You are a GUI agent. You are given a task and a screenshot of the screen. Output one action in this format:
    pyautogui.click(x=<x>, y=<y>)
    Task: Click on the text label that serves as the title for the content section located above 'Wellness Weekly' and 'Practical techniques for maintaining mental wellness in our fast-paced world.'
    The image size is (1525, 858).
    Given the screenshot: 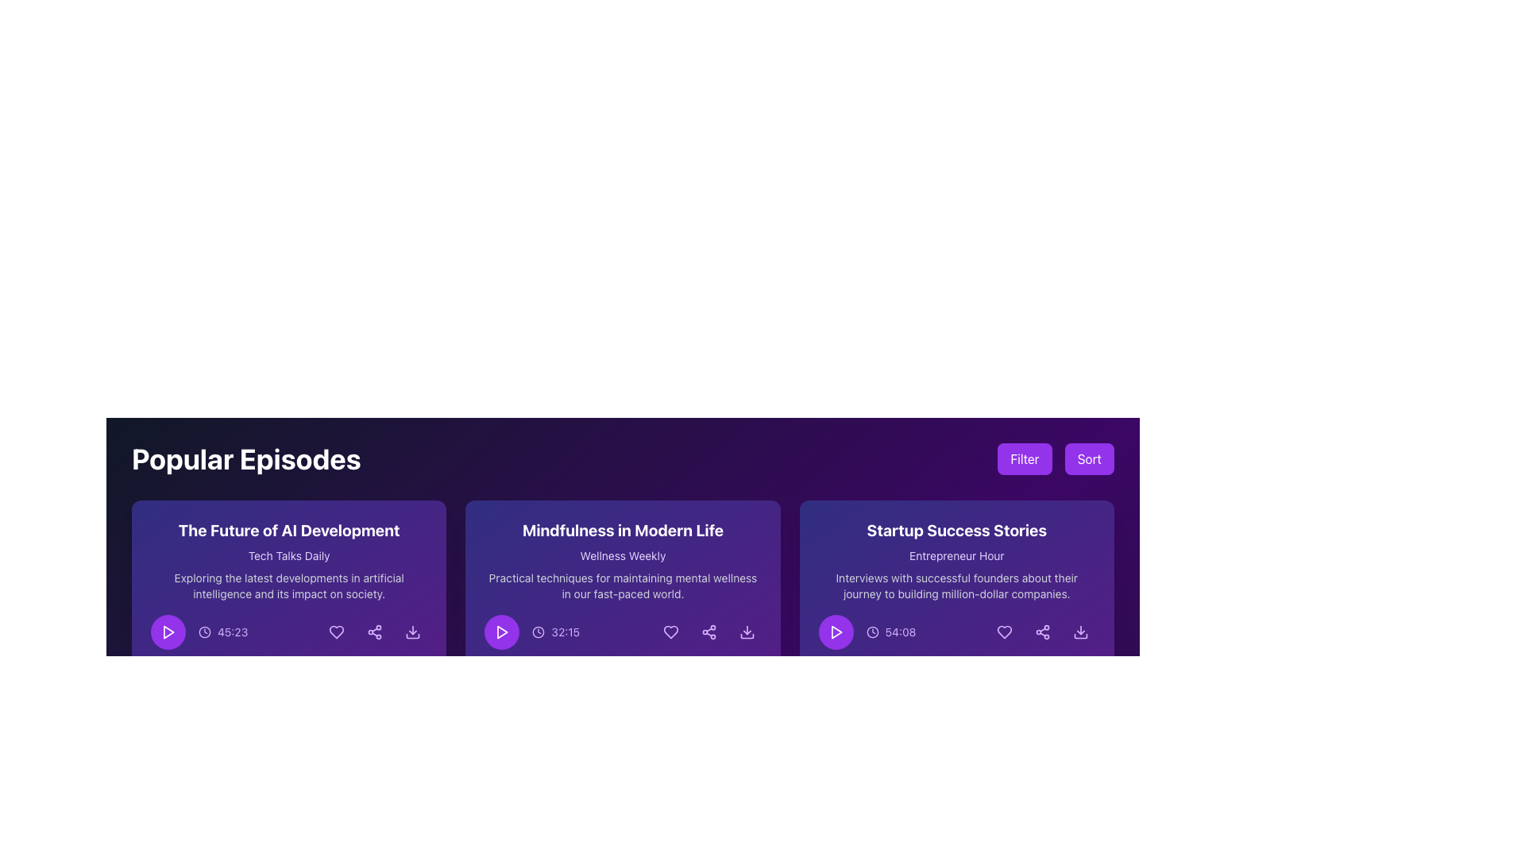 What is the action you would take?
    pyautogui.click(x=622, y=530)
    